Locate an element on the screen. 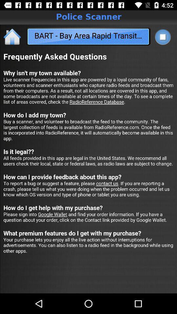  the homepage is located at coordinates (12, 36).